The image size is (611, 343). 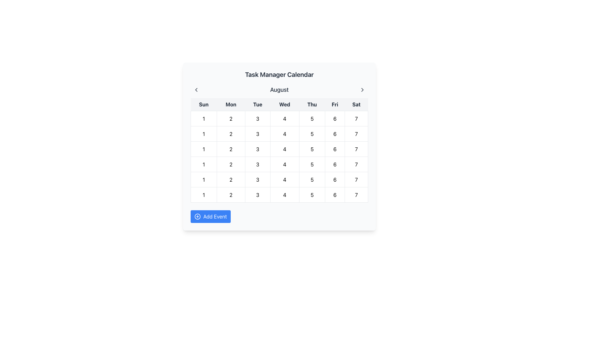 What do you see at coordinates (257, 179) in the screenshot?
I see `the static text element representing the date '3' in the calendar interface` at bounding box center [257, 179].